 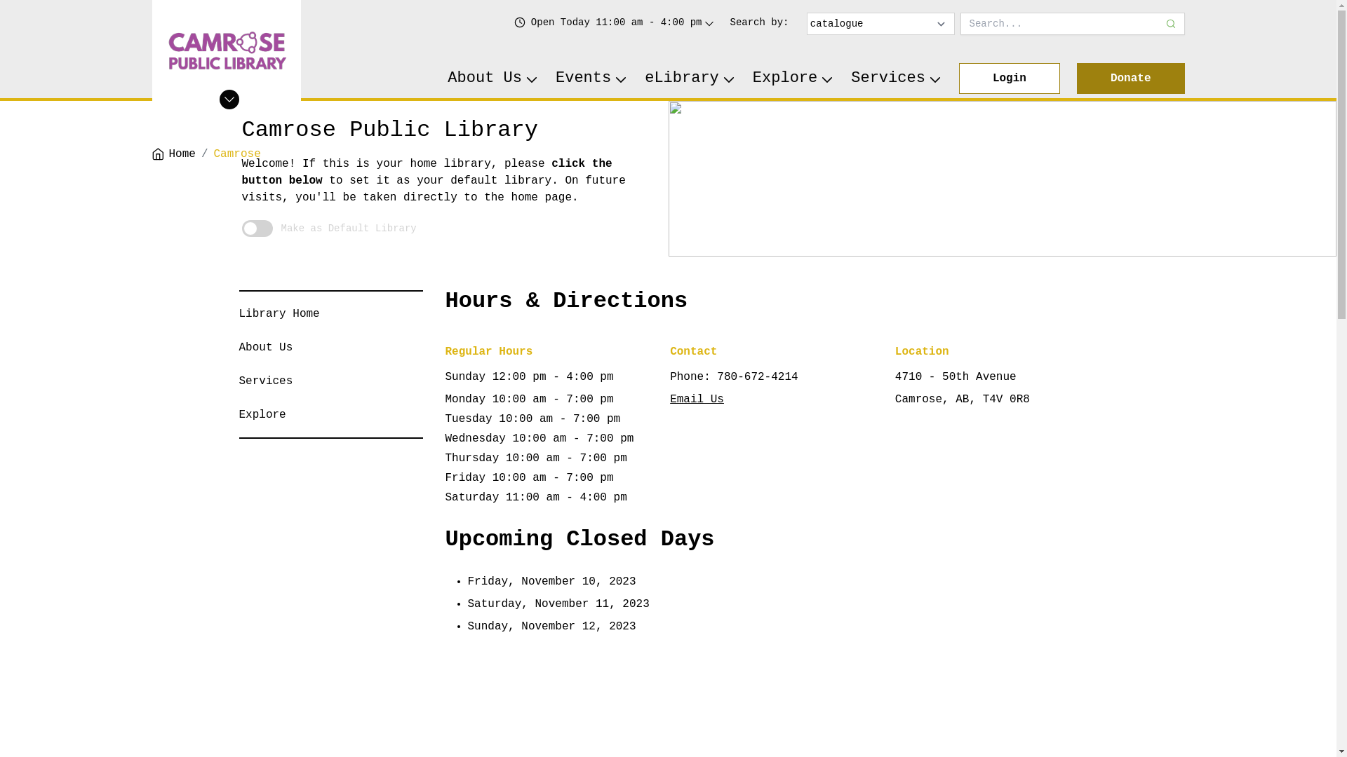 What do you see at coordinates (1131, 78) in the screenshot?
I see `'Donate'` at bounding box center [1131, 78].